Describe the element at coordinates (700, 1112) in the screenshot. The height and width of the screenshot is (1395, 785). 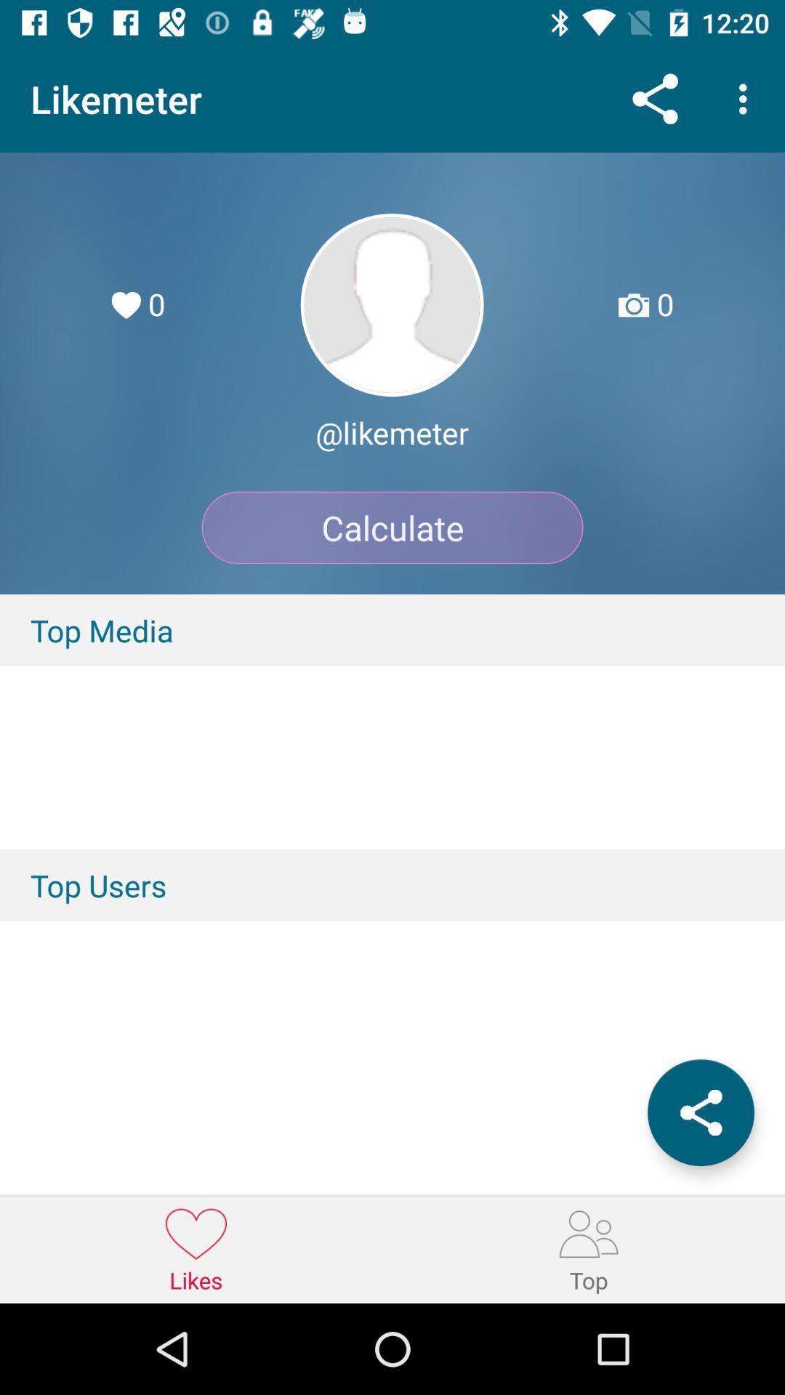
I see `save` at that location.